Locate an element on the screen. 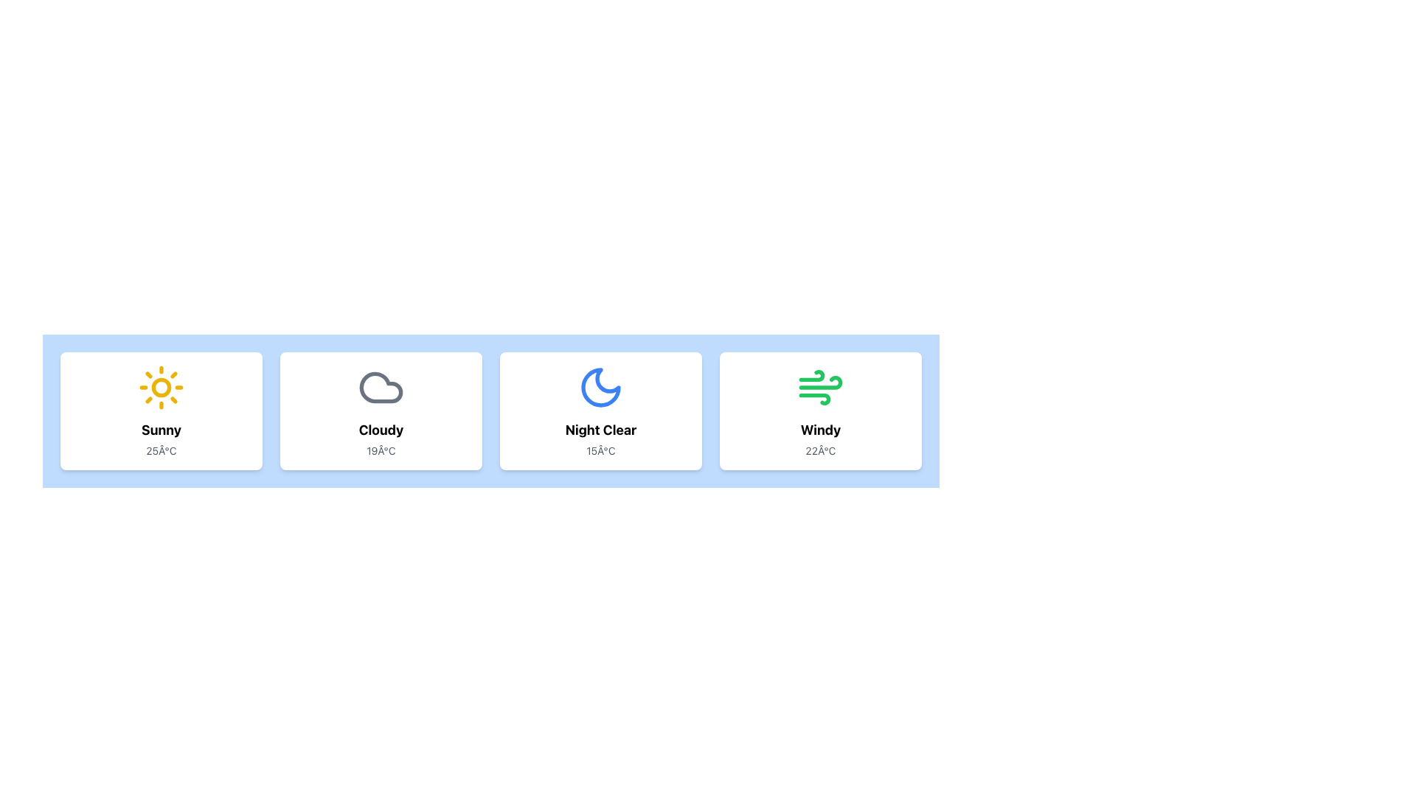 Image resolution: width=1416 pixels, height=796 pixels. the text label displaying '15°C' in light gray text, located within the 'Night Clear' card, which is the bottom-most element and centrally aligned horizontally is located at coordinates (601, 450).